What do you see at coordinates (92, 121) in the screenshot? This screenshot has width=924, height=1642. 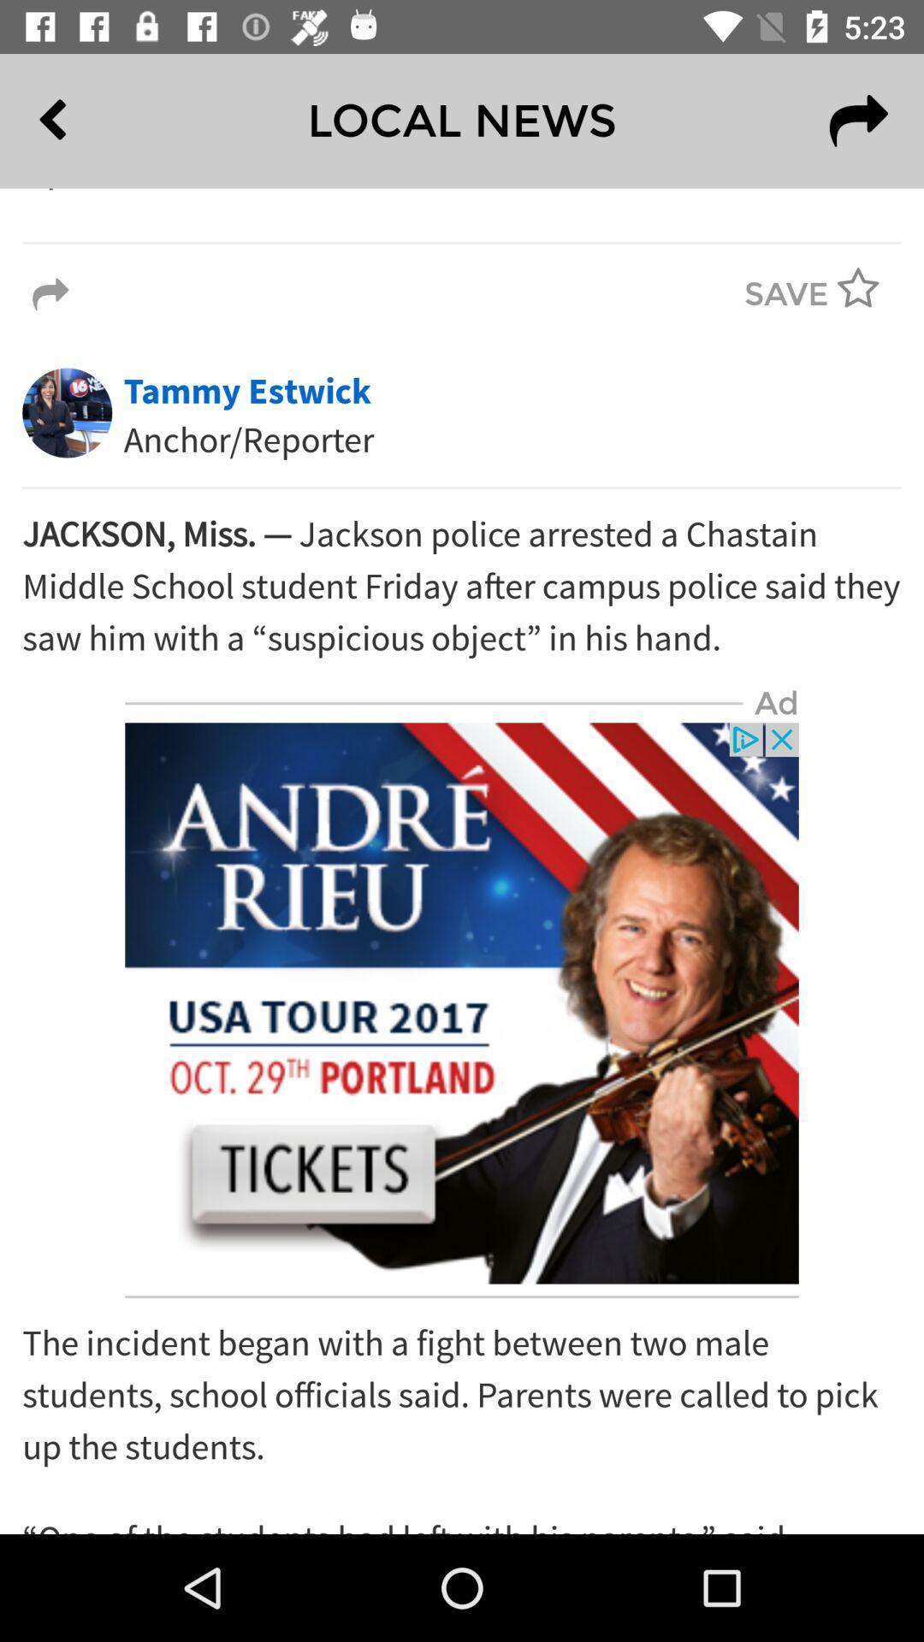 I see `back button which is at top left corner` at bounding box center [92, 121].